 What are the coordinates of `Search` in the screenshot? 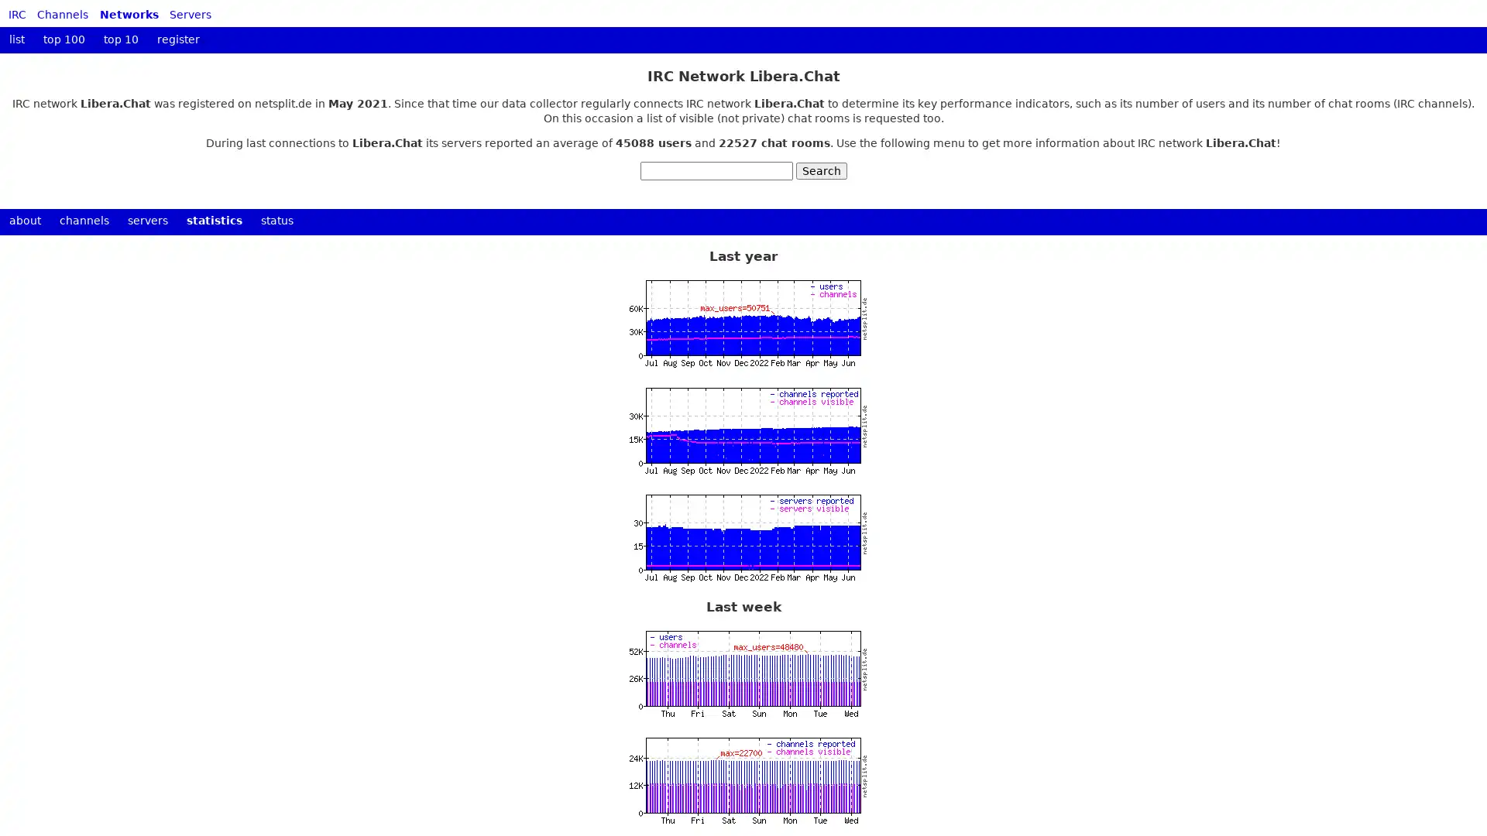 It's located at (820, 170).